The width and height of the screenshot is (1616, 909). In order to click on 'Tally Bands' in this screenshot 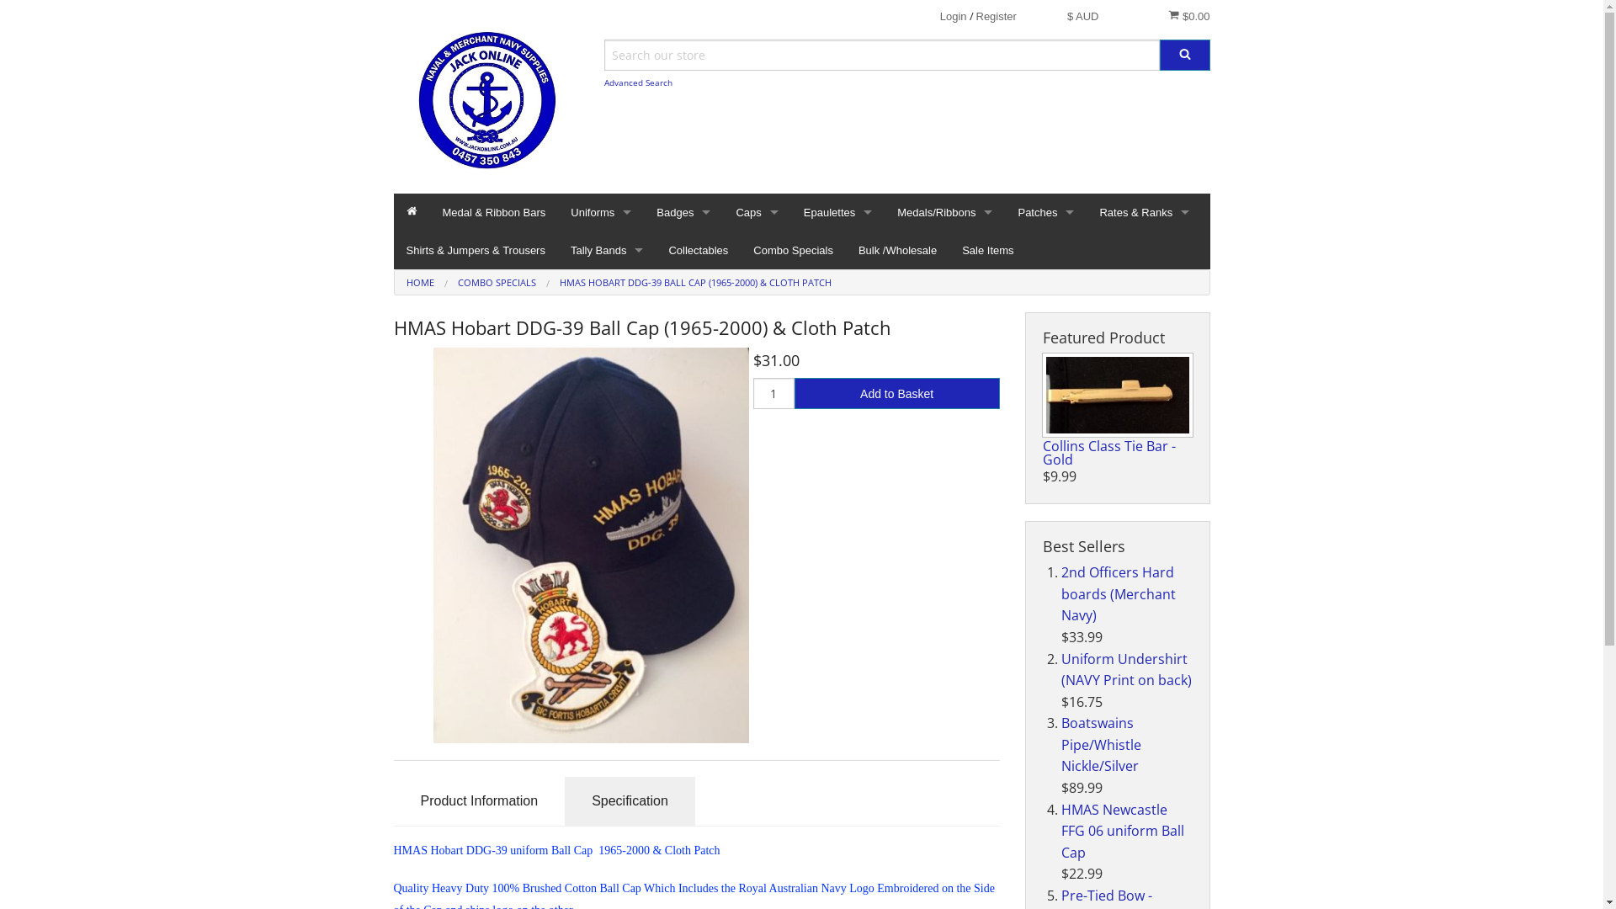, I will do `click(606, 250)`.